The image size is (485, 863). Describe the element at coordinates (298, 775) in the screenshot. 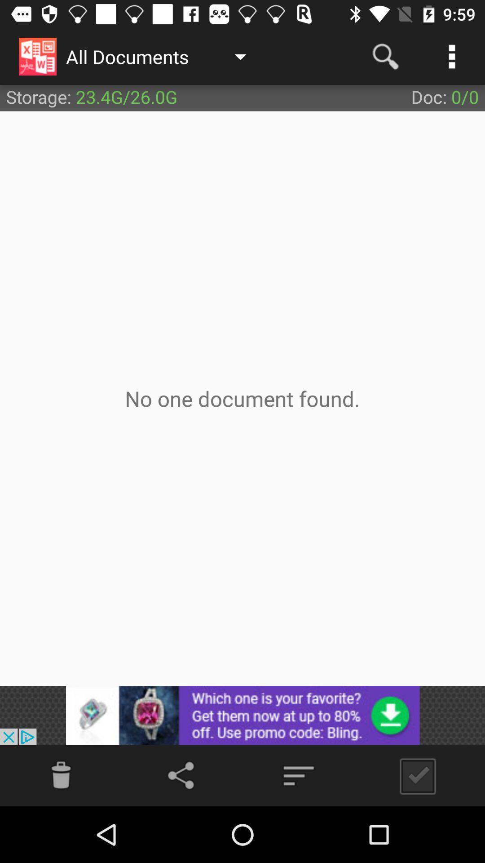

I see `menu` at that location.